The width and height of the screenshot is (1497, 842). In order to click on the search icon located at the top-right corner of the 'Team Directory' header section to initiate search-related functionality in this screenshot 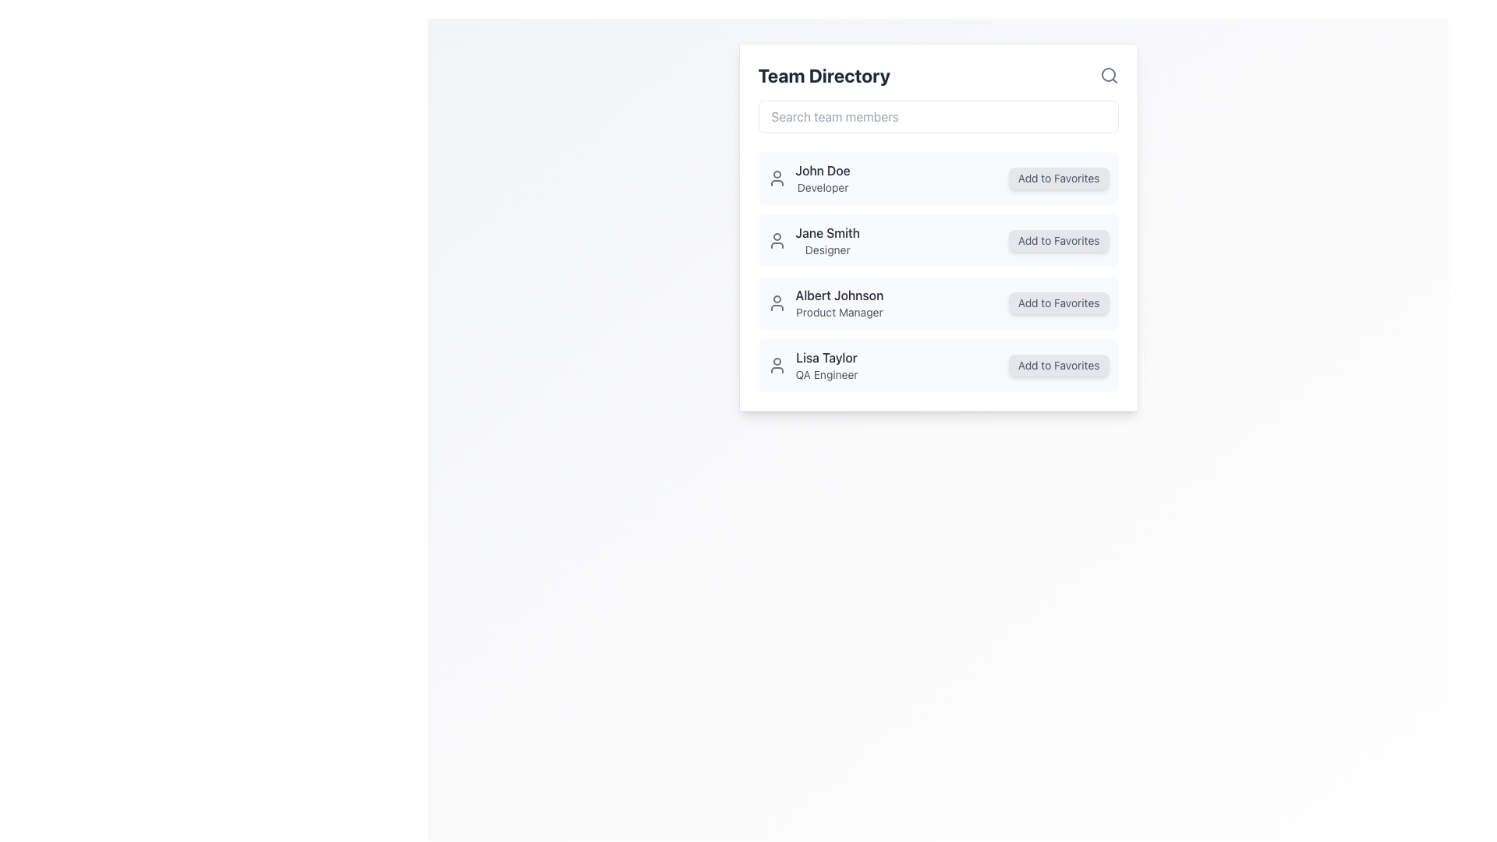, I will do `click(1108, 75)`.